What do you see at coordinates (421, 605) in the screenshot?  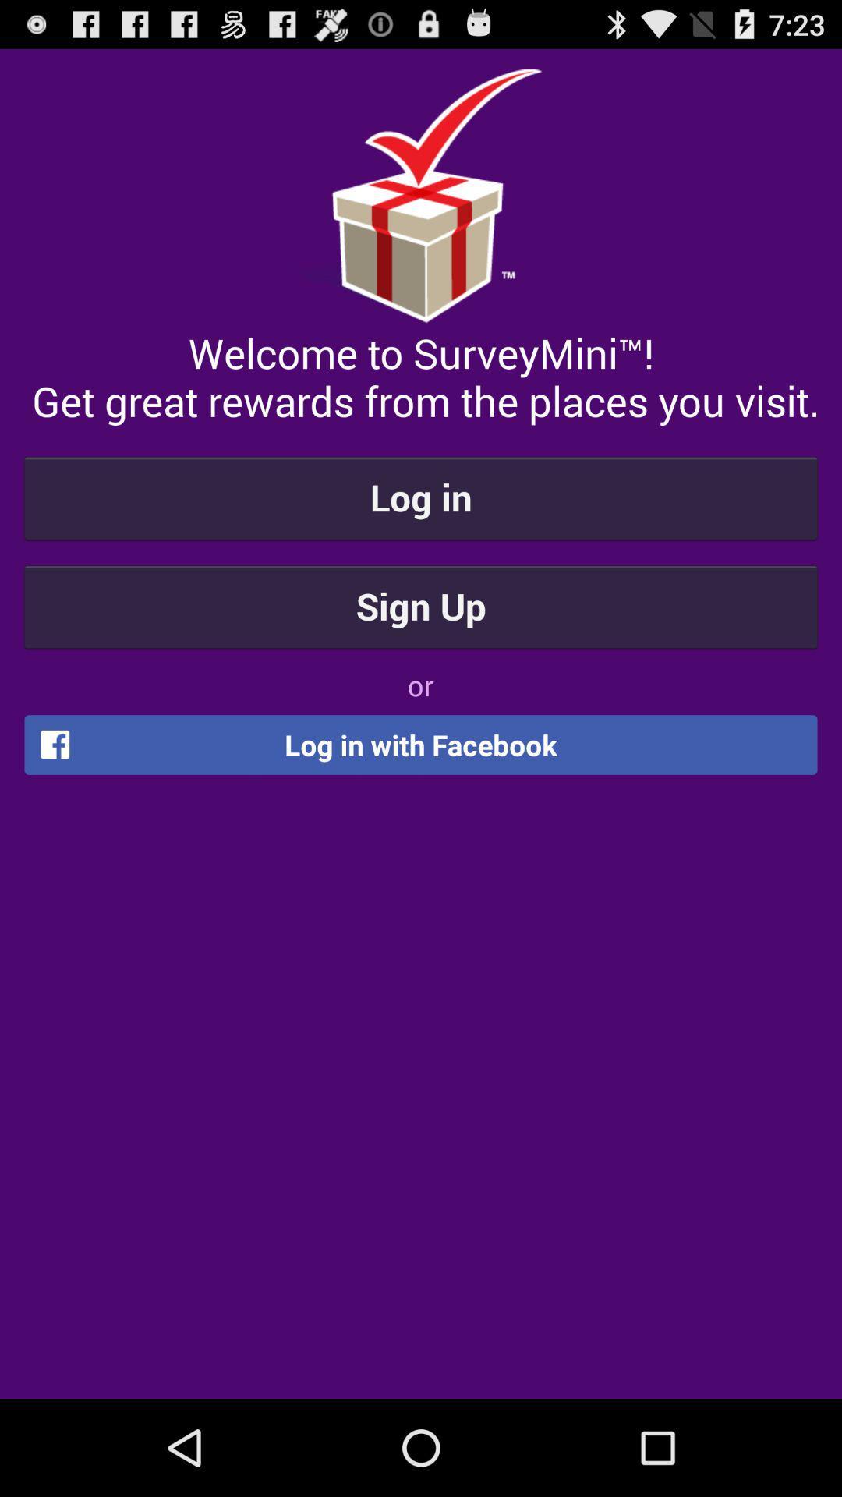 I see `the sign up` at bounding box center [421, 605].